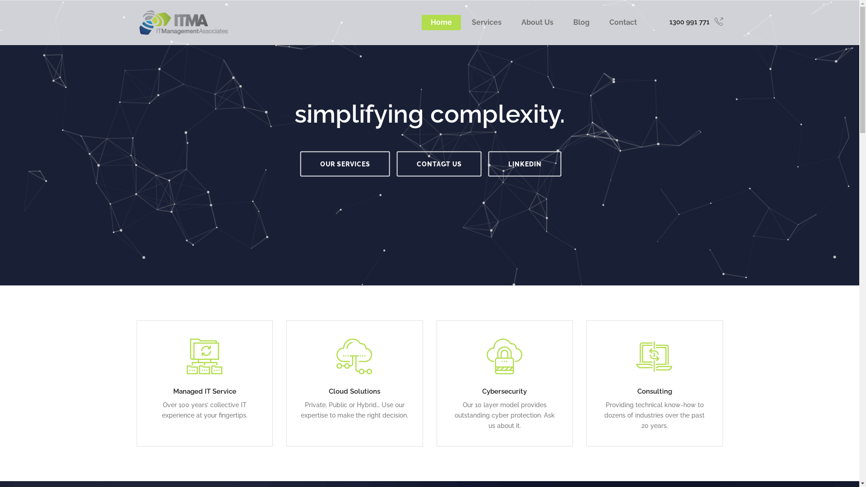  What do you see at coordinates (524, 163) in the screenshot?
I see `'LINKEDIN'` at bounding box center [524, 163].